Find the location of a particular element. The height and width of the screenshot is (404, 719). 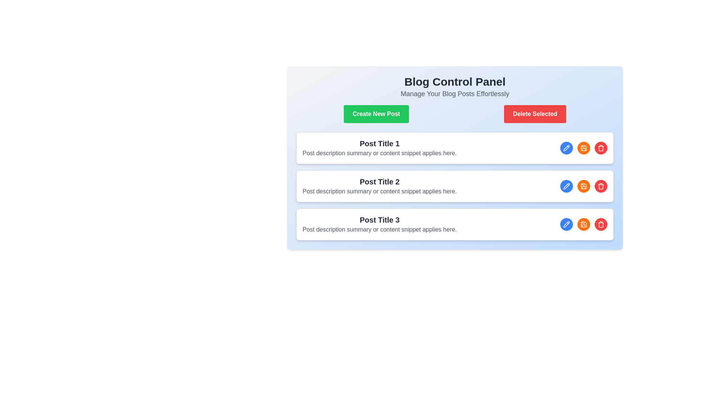

the small orange circular icon button with a white outline of a floppy disk, located in the middle of three action buttons for a blog post item is located at coordinates (583, 148).